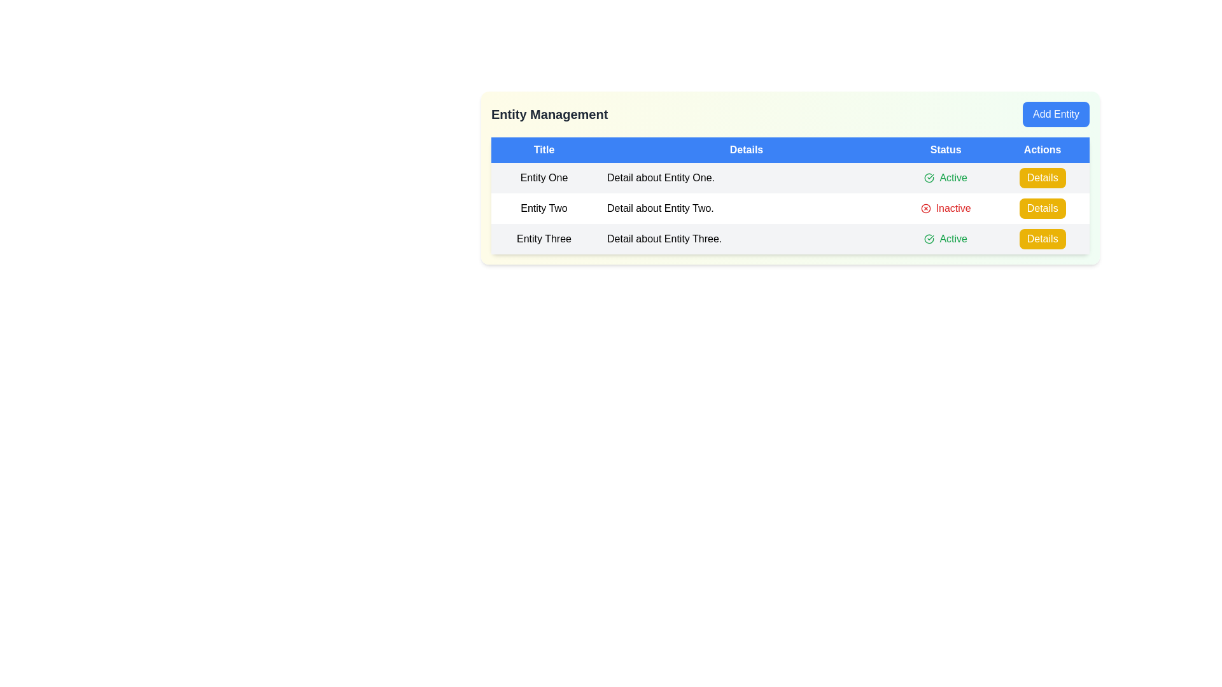 The width and height of the screenshot is (1222, 687). I want to click on the Status Label indicating 'Active' status for 'Entity Three' in the table, so click(946, 239).